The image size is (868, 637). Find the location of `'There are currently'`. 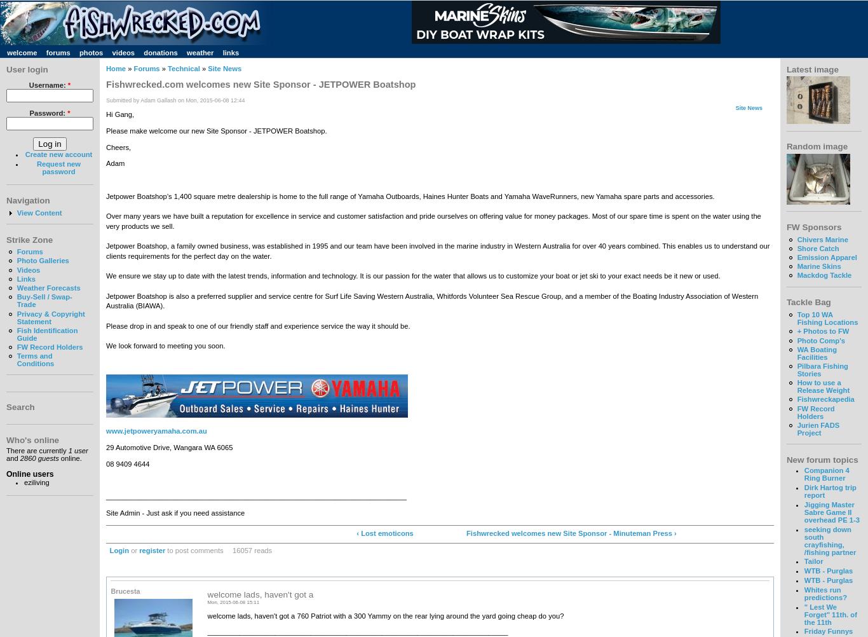

'There are currently' is located at coordinates (6, 451).